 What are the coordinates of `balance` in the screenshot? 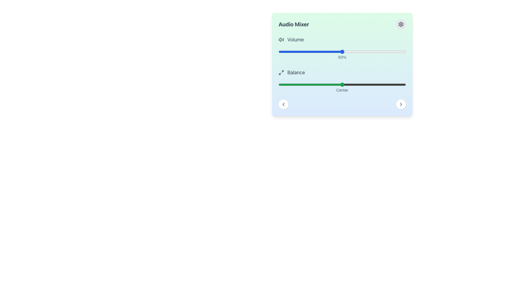 It's located at (394, 84).